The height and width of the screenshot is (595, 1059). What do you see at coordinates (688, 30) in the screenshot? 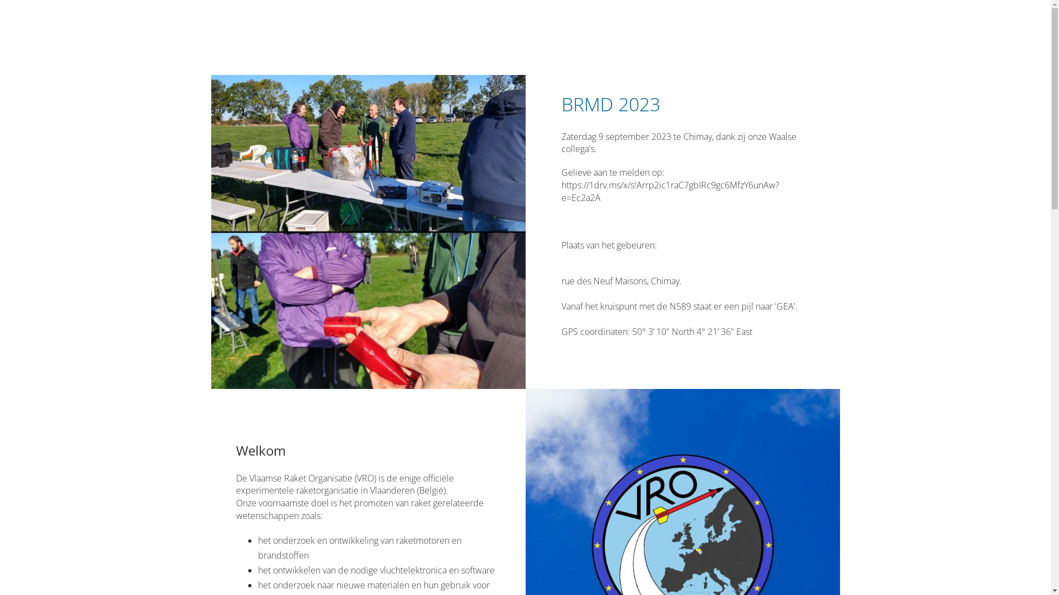
I see `'Contact'` at bounding box center [688, 30].